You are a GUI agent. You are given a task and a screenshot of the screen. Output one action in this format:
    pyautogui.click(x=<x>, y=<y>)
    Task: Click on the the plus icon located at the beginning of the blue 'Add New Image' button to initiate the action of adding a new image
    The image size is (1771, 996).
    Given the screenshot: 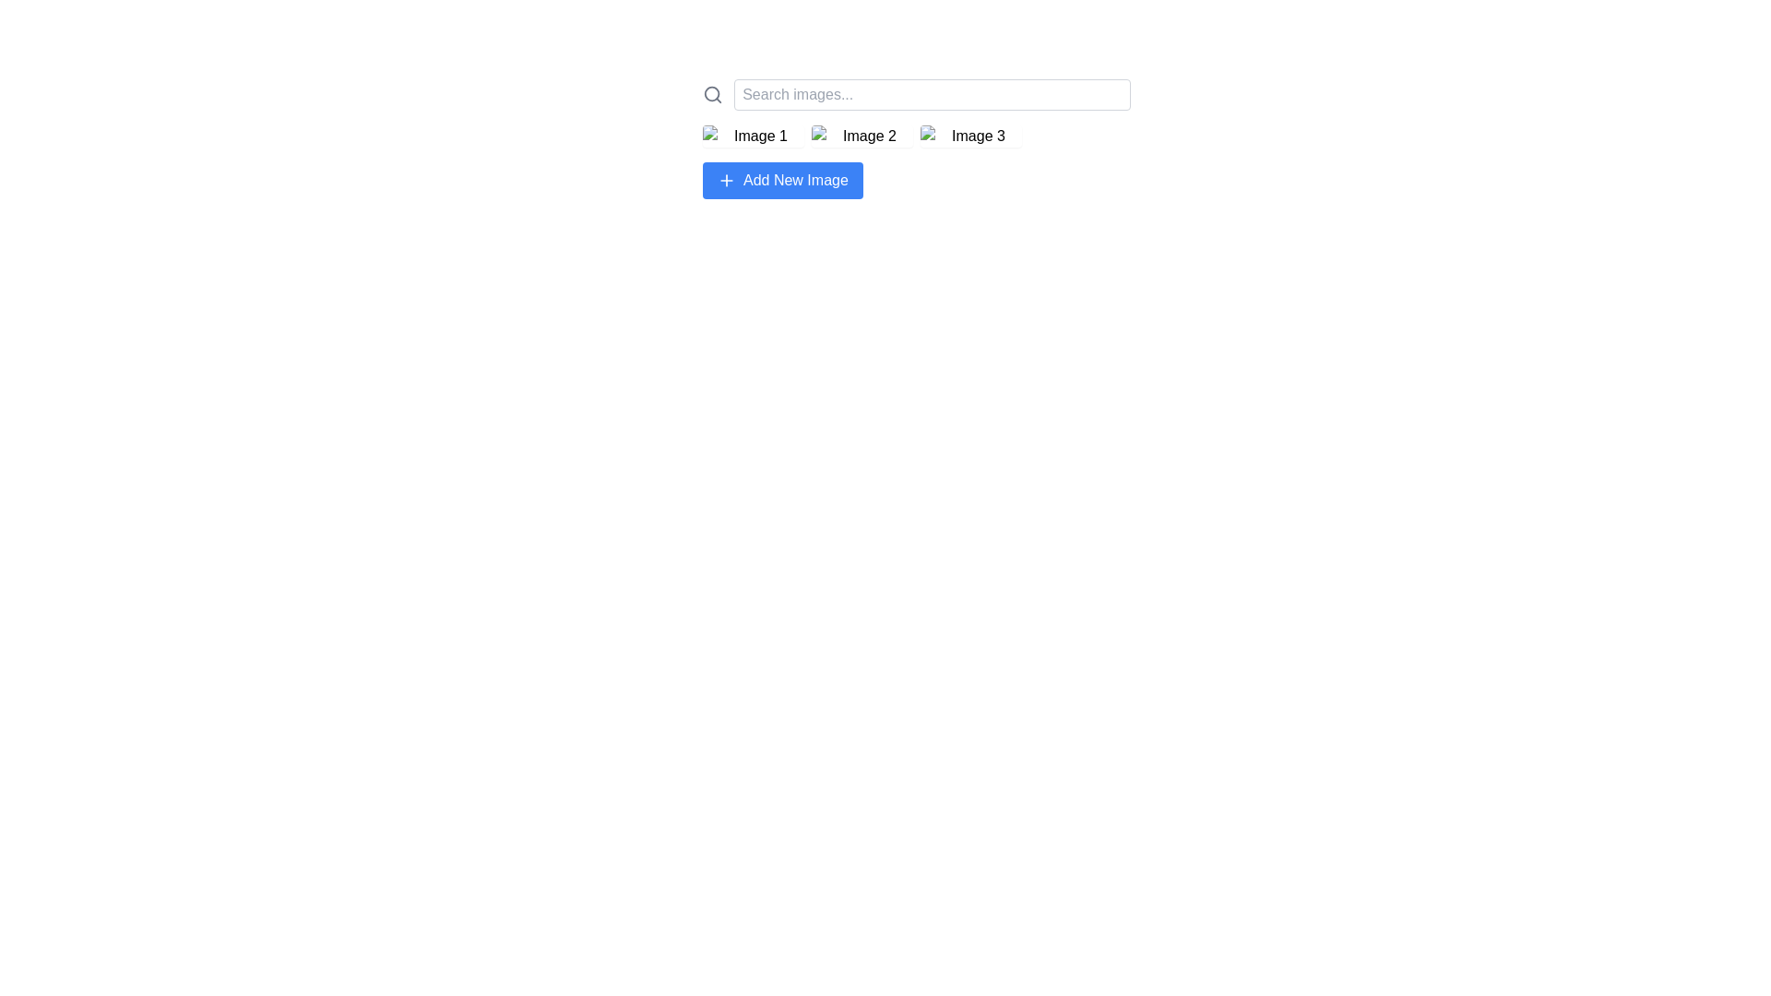 What is the action you would take?
    pyautogui.click(x=725, y=181)
    